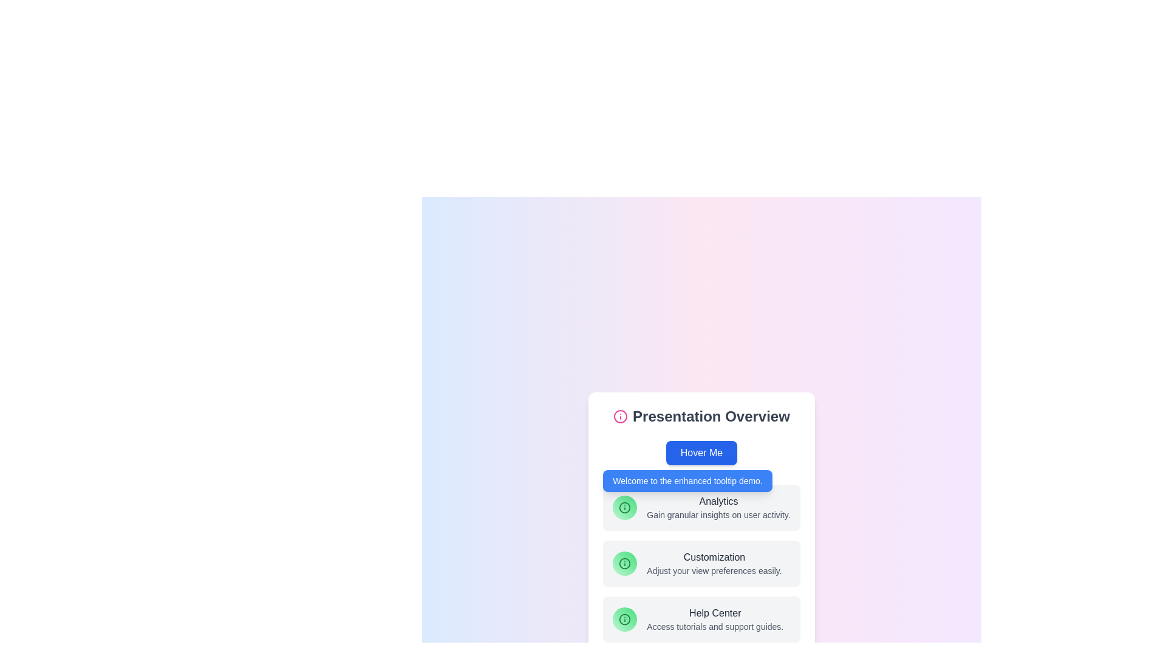 This screenshot has width=1166, height=656. What do you see at coordinates (625, 508) in the screenshot?
I see `the SVG circle element that is part of the circular icon to the left of the 'Analytics' label` at bounding box center [625, 508].